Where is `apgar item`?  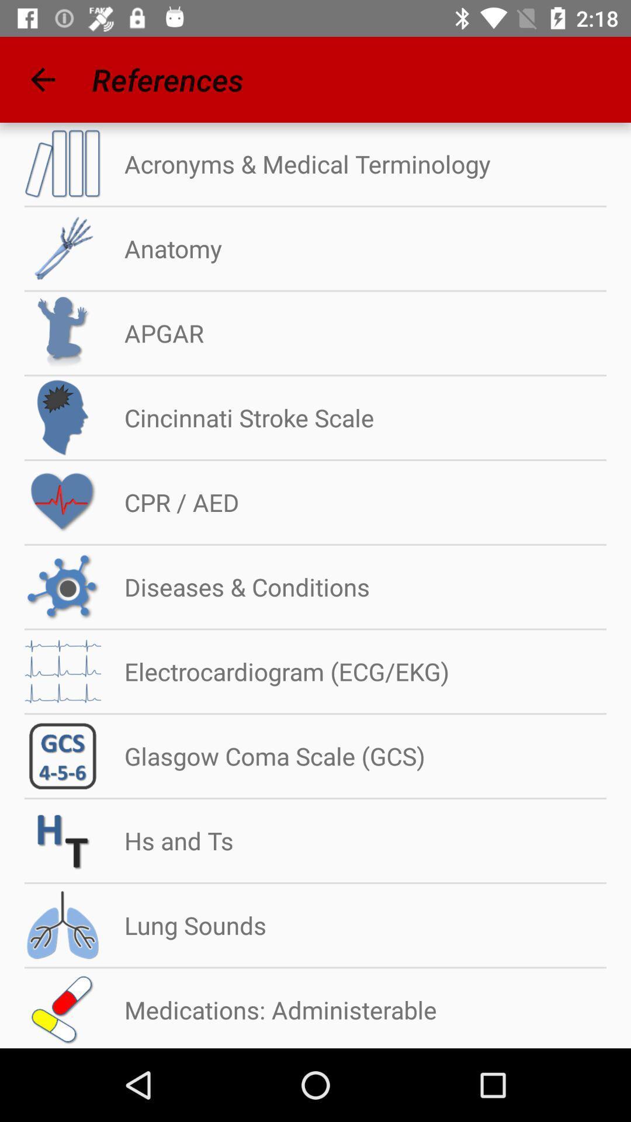
apgar item is located at coordinates (152, 333).